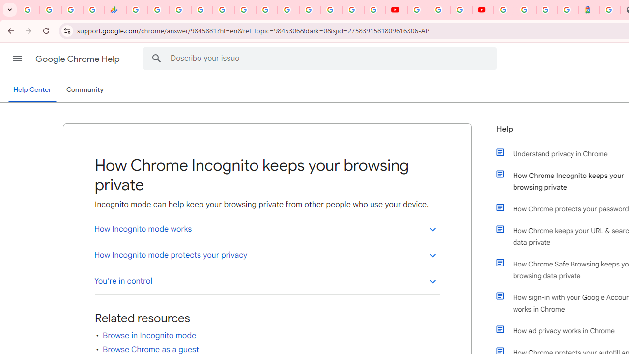  Describe the element at coordinates (85, 90) in the screenshot. I see `'Community'` at that location.